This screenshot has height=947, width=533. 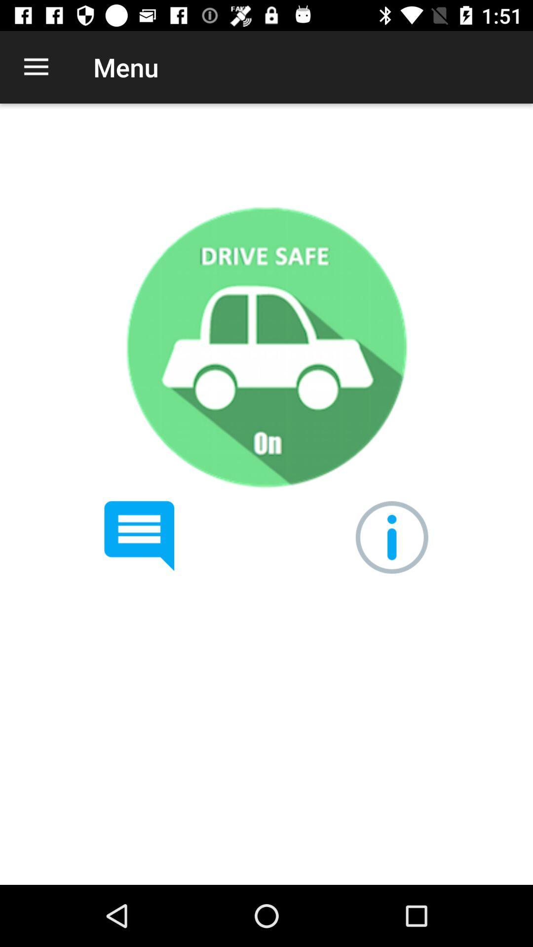 I want to click on item at the center, so click(x=266, y=347).